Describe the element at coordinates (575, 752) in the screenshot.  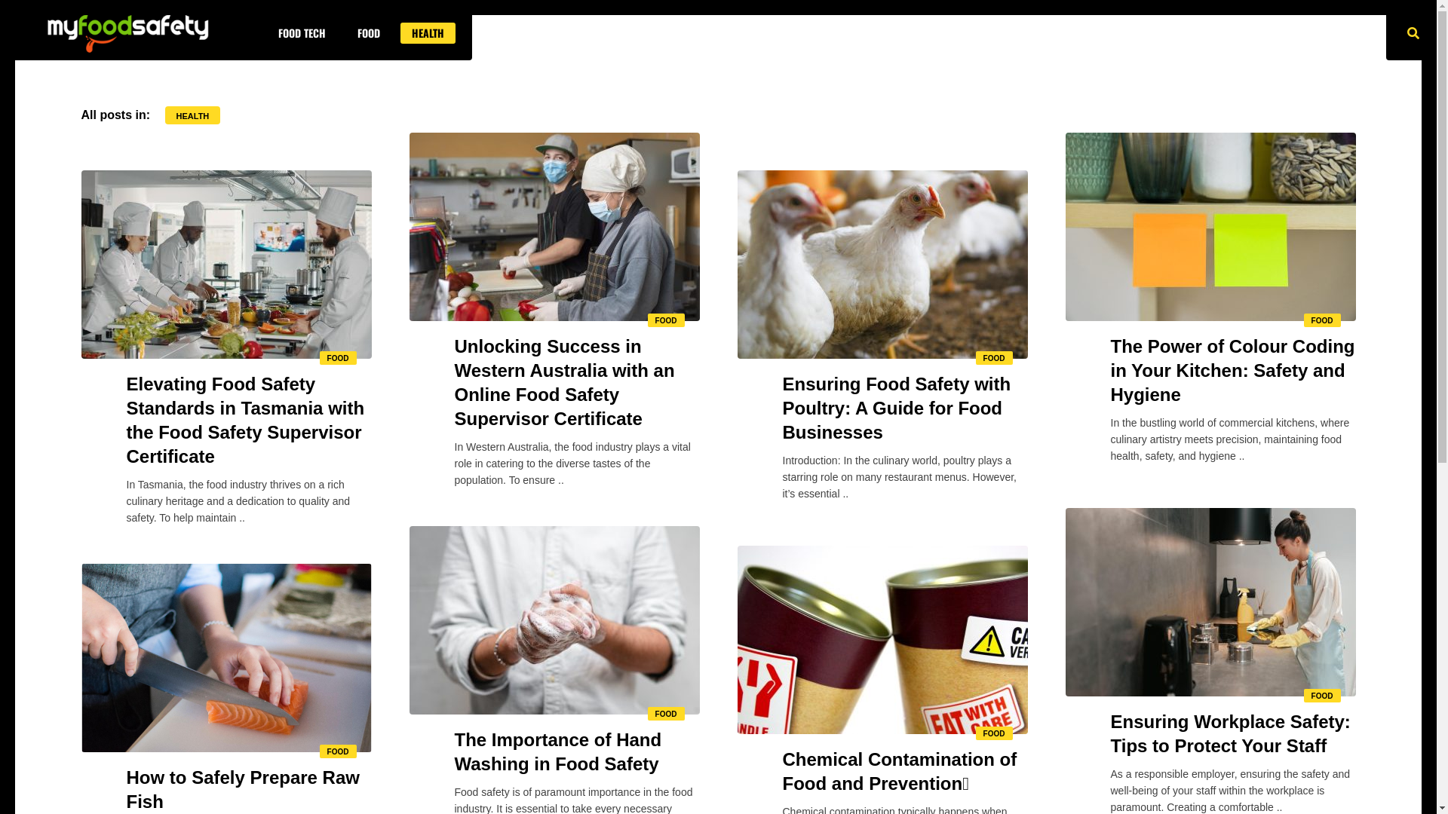
I see `'The Importance of Hand Washing in Food Safety'` at that location.